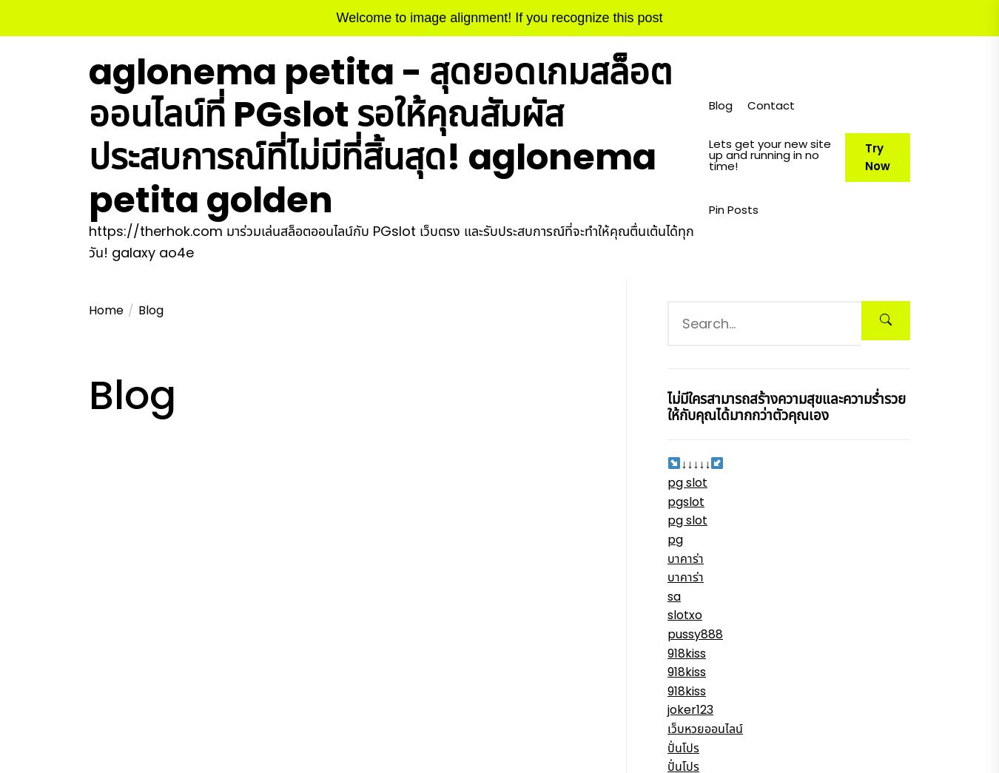 The width and height of the screenshot is (999, 773). What do you see at coordinates (685, 501) in the screenshot?
I see `'pgslot'` at bounding box center [685, 501].